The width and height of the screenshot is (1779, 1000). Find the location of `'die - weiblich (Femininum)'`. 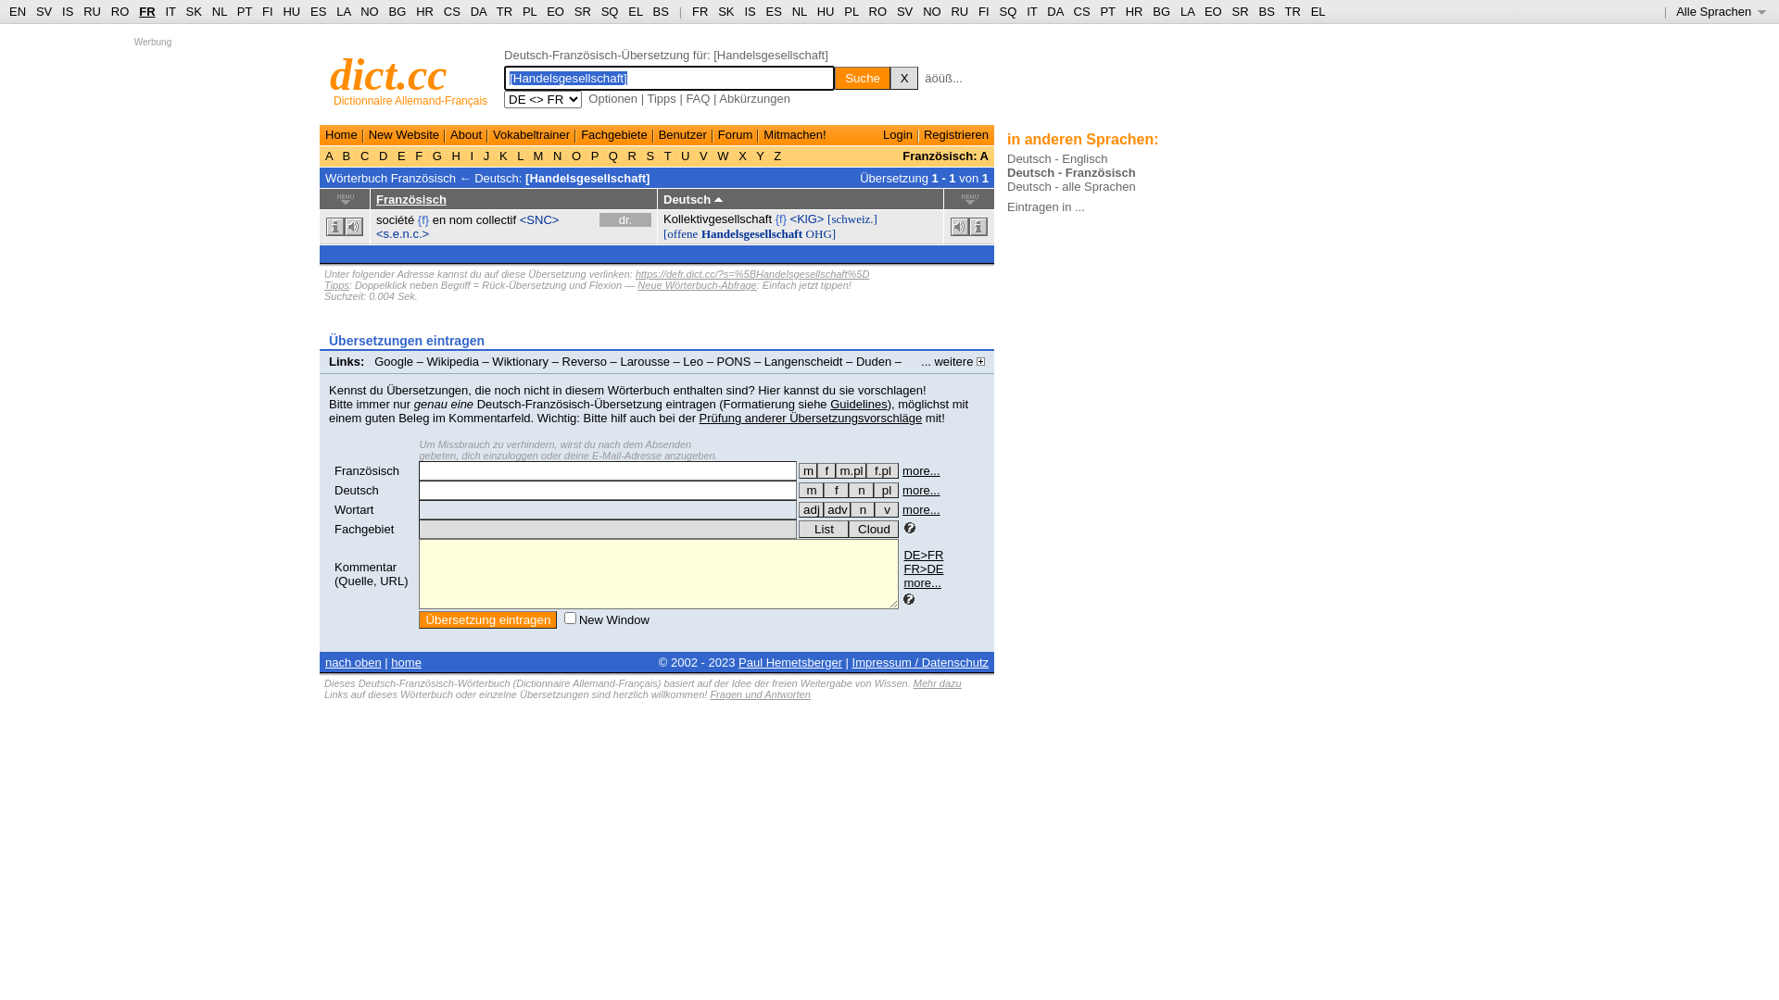

'die - weiblich (Femininum)' is located at coordinates (835, 489).